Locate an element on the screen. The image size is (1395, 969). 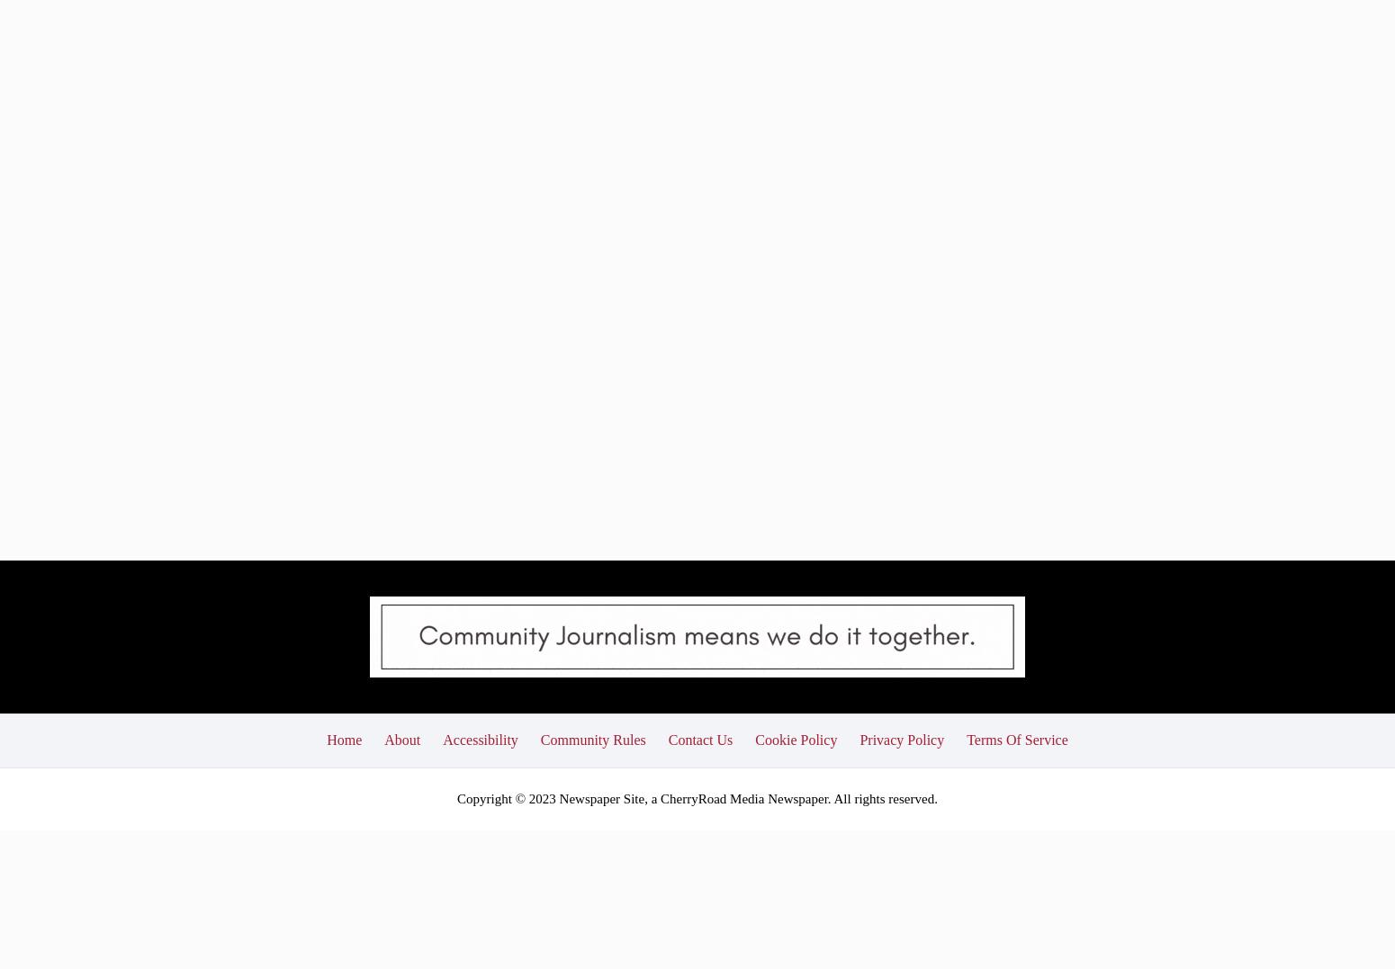
'Privacy Policy' is located at coordinates (901, 606).